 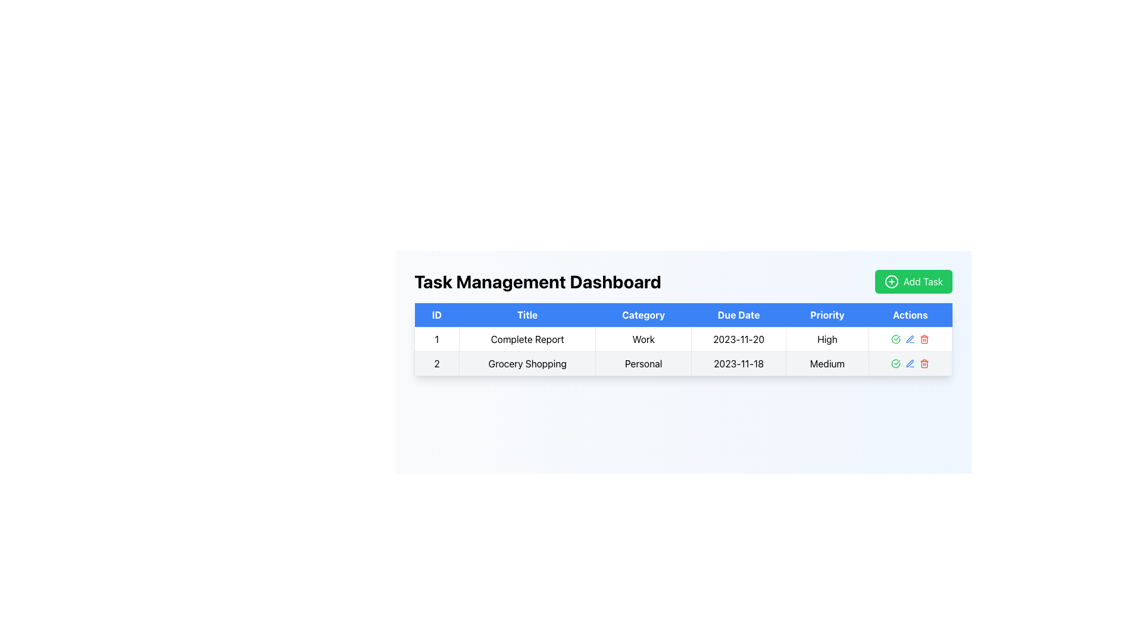 I want to click on the thin diagonal pencil-like icon in the 'Actions' column of the second row in the task management table, so click(x=909, y=339).